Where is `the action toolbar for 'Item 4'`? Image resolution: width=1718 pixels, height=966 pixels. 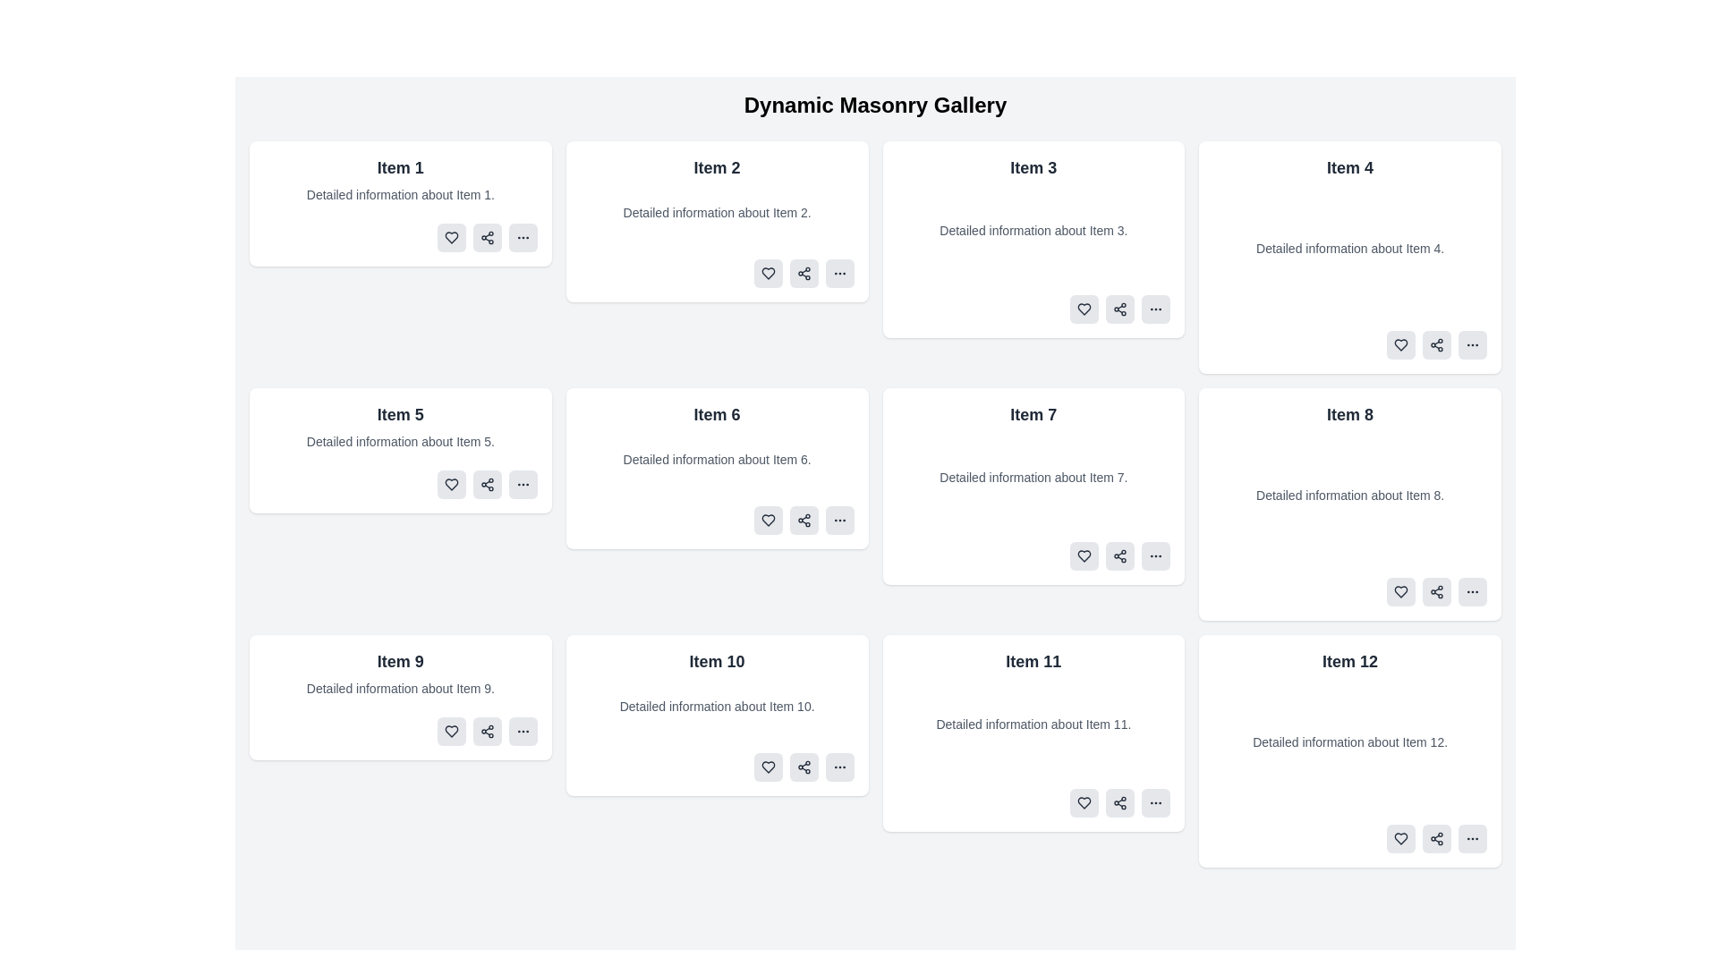 the action toolbar for 'Item 4' is located at coordinates (1349, 344).